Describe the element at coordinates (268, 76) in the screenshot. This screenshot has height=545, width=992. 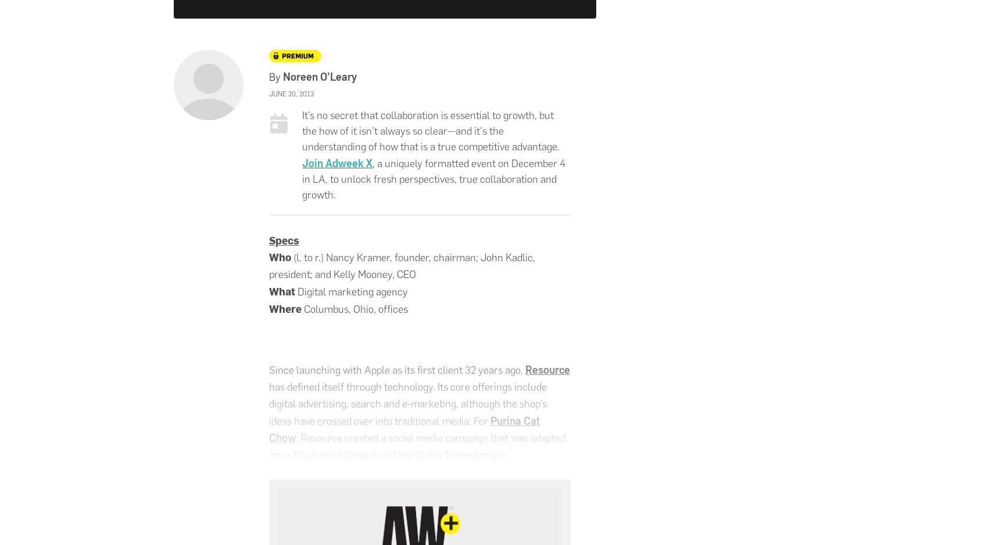
I see `'By'` at that location.